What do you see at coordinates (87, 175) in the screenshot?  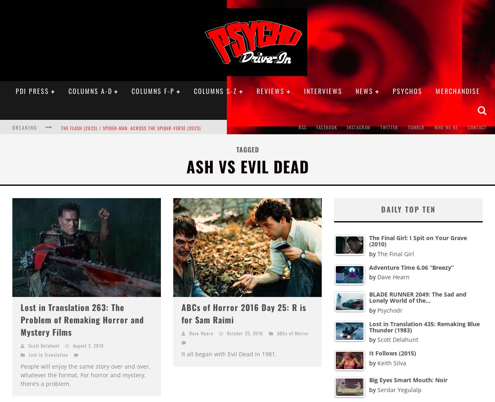 I see `'Obstacle Corpse (2022)'` at bounding box center [87, 175].